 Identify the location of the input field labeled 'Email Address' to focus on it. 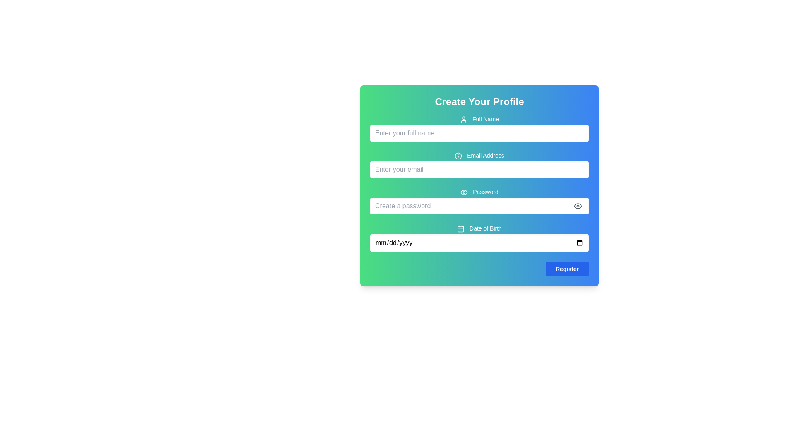
(479, 164).